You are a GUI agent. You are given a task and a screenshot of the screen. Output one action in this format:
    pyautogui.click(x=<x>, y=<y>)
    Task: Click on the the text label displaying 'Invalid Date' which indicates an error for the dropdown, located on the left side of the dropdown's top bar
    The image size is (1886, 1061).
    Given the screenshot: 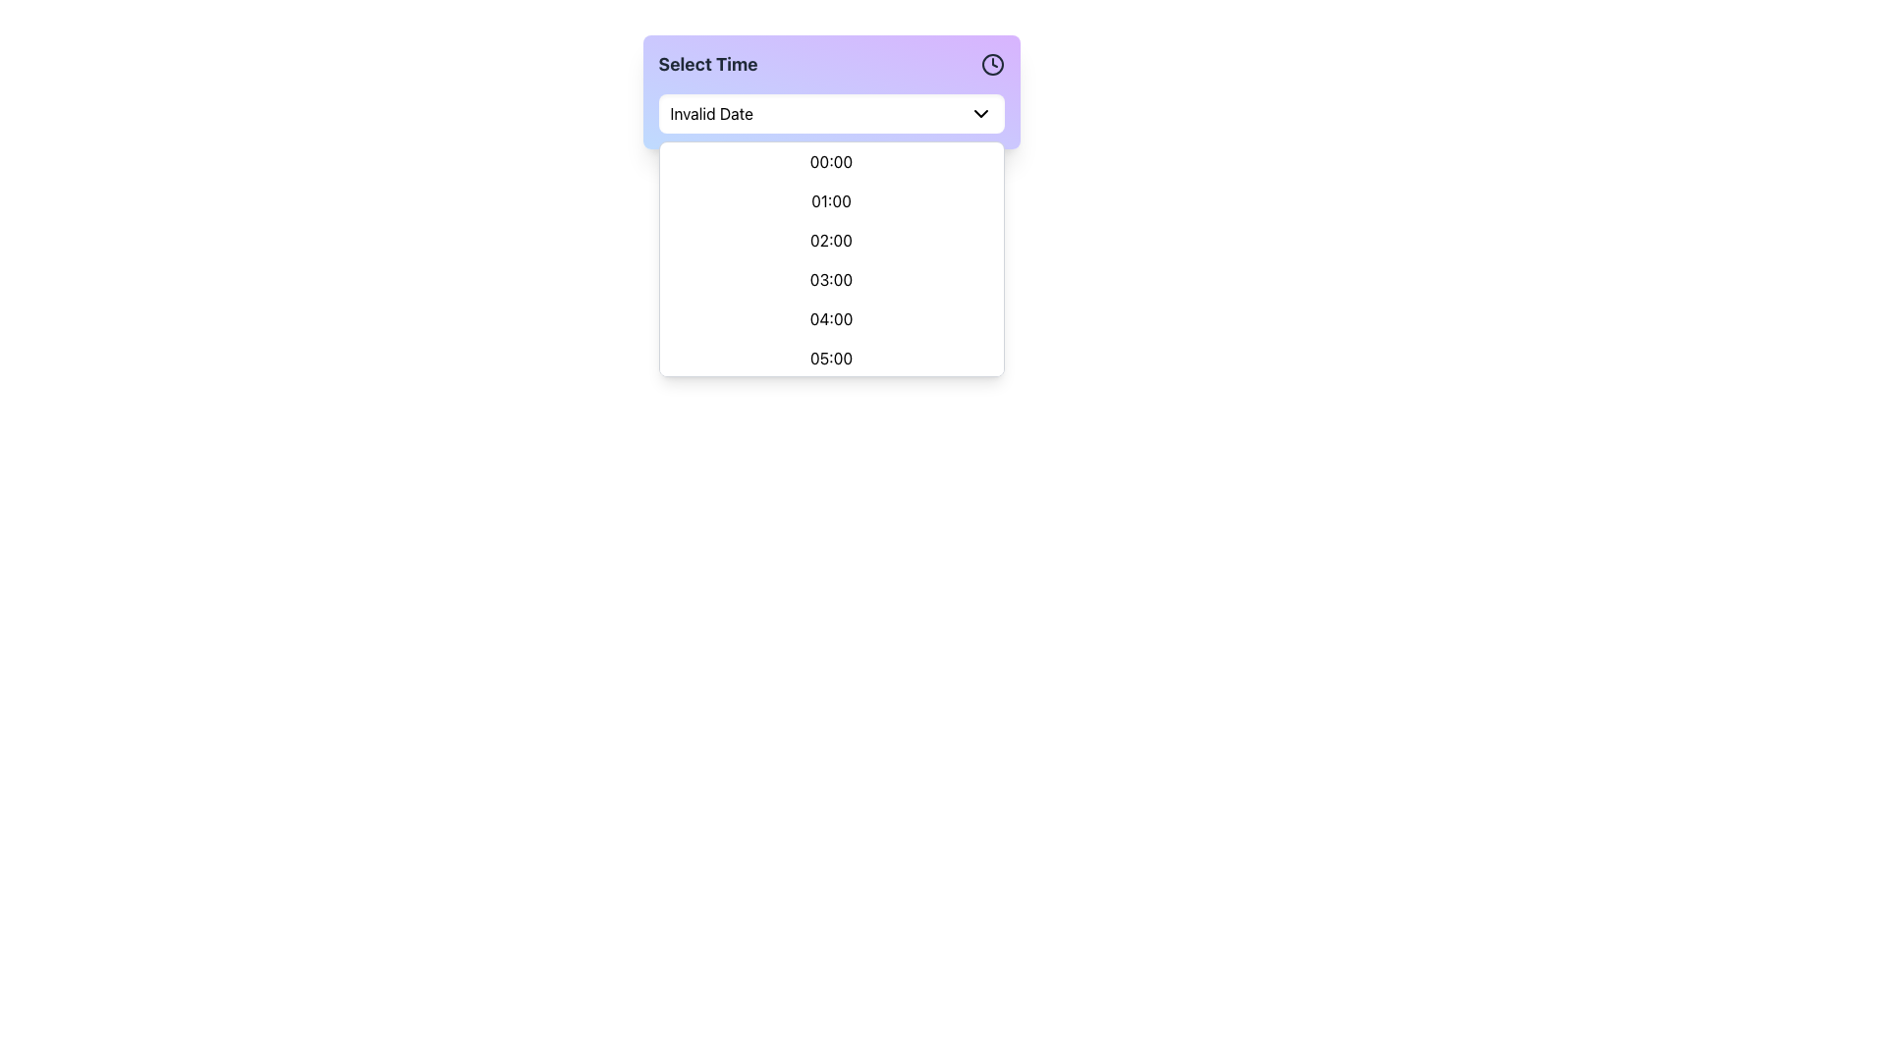 What is the action you would take?
    pyautogui.click(x=710, y=113)
    